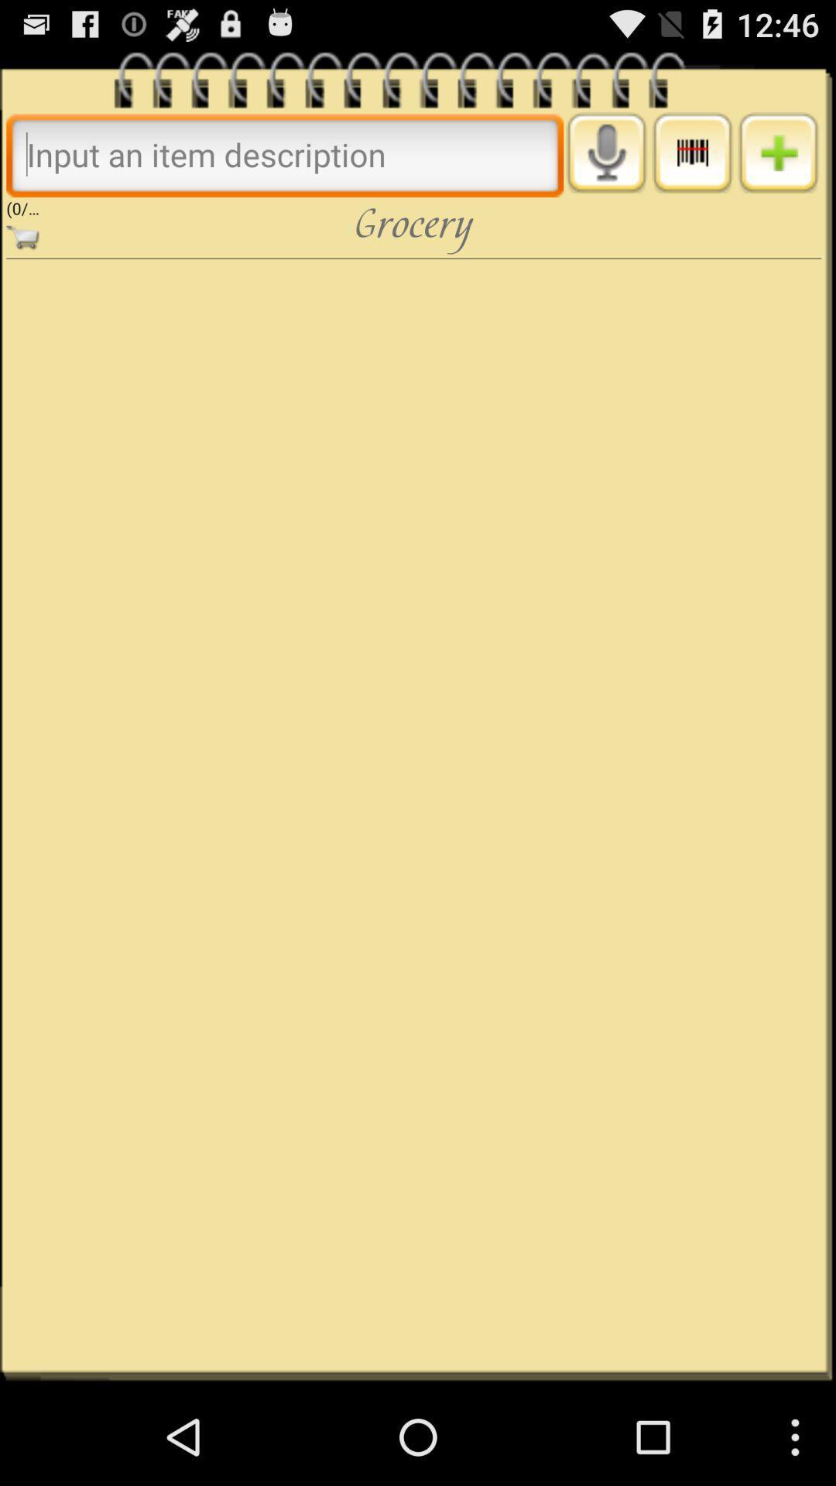 Image resolution: width=836 pixels, height=1486 pixels. Describe the element at coordinates (605, 152) in the screenshot. I see `activate voice input` at that location.